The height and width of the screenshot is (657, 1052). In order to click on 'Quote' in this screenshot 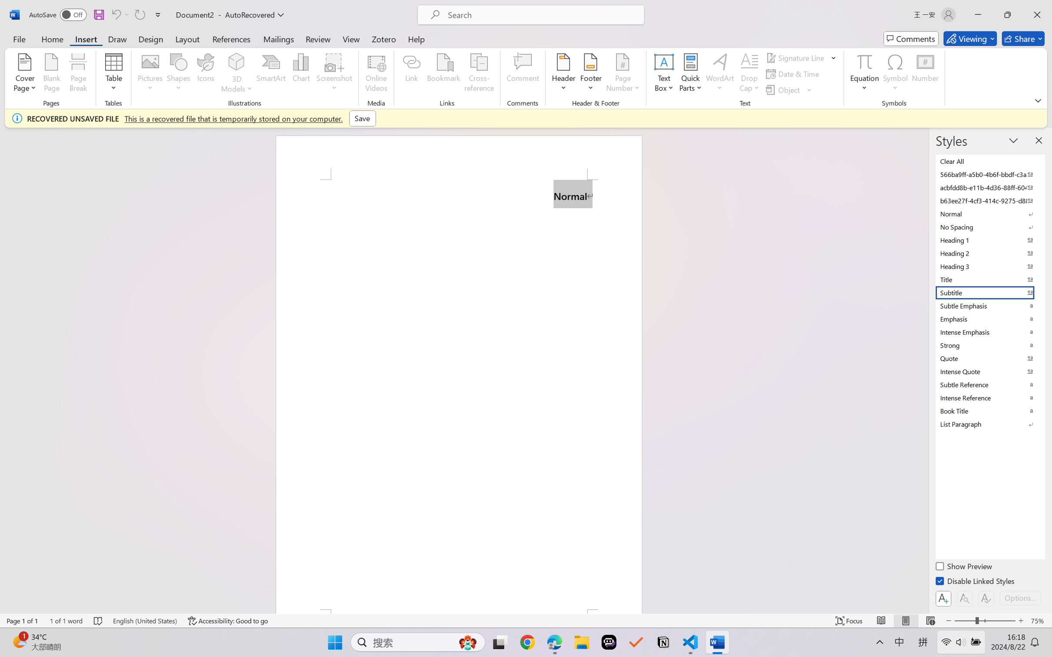, I will do `click(989, 358)`.